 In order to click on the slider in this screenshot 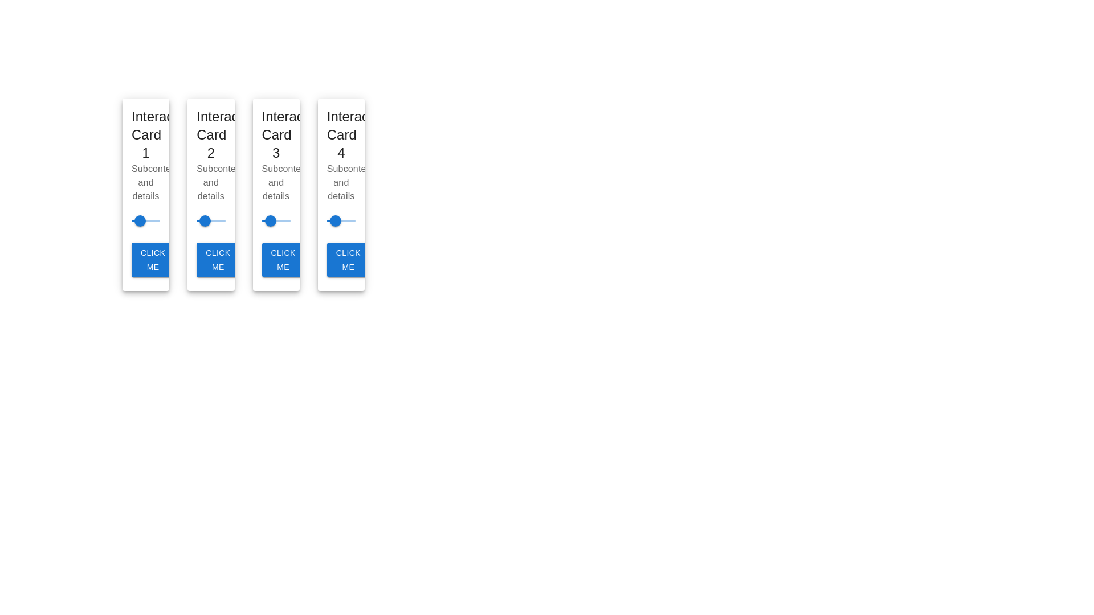, I will do `click(213, 221)`.